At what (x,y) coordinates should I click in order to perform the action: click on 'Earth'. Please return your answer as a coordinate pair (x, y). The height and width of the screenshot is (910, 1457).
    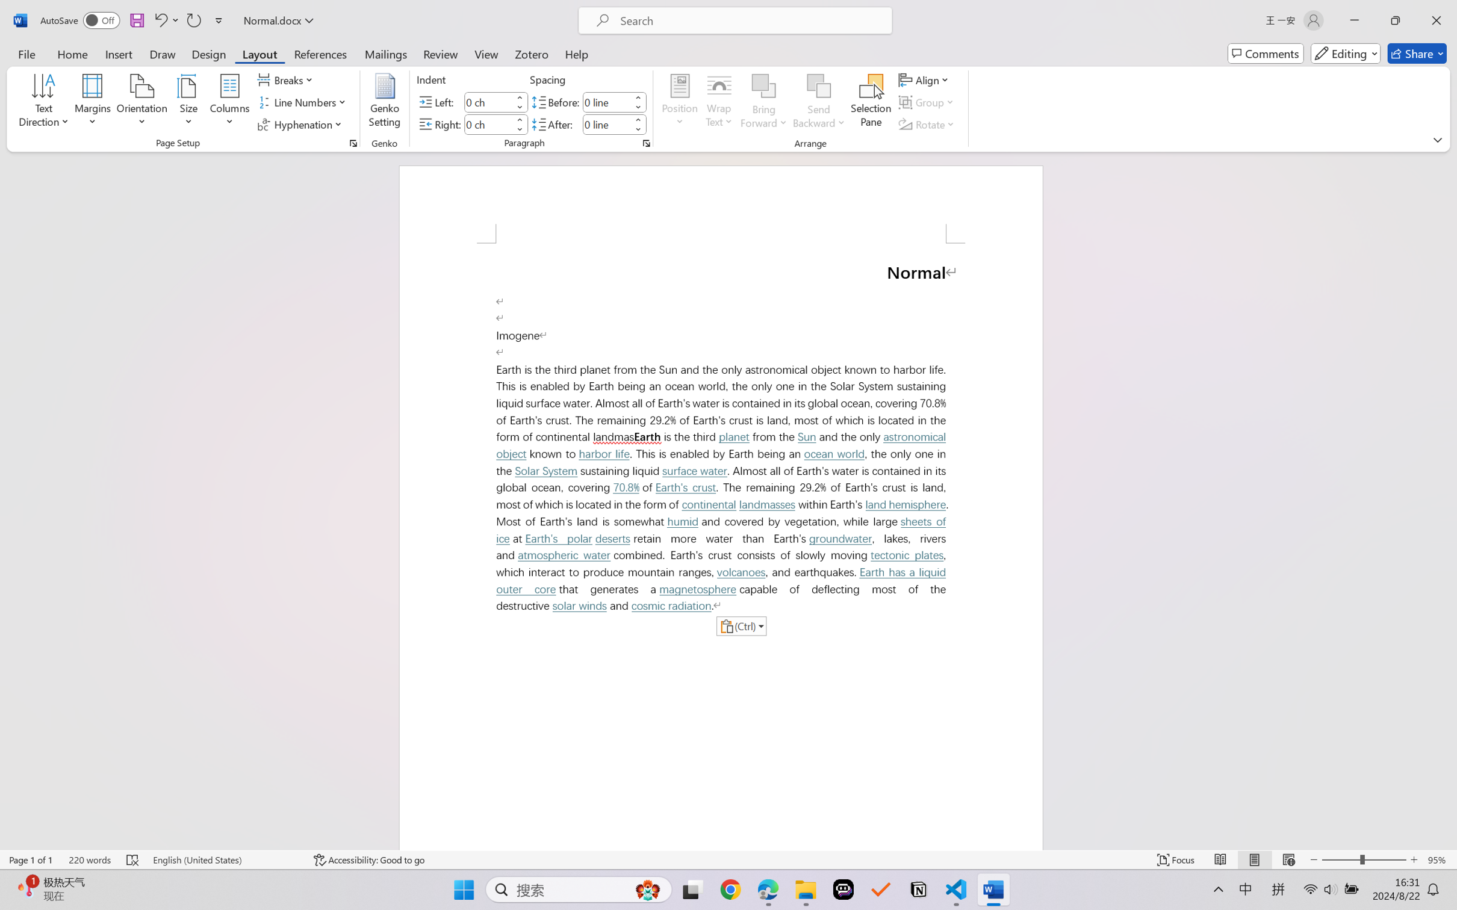
    Looking at the image, I should click on (685, 487).